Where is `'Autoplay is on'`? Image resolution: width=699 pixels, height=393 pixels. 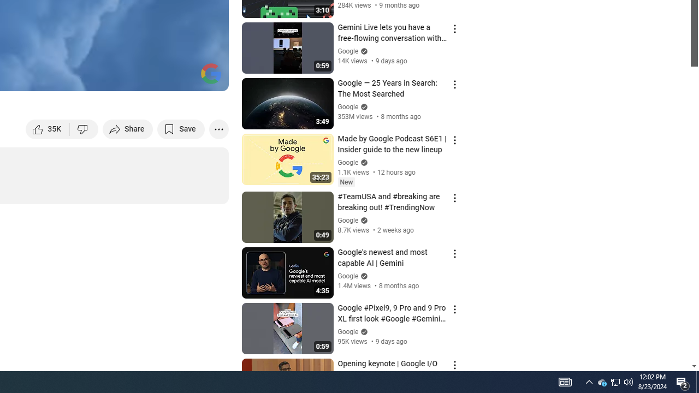
'Autoplay is on' is located at coordinates (77, 77).